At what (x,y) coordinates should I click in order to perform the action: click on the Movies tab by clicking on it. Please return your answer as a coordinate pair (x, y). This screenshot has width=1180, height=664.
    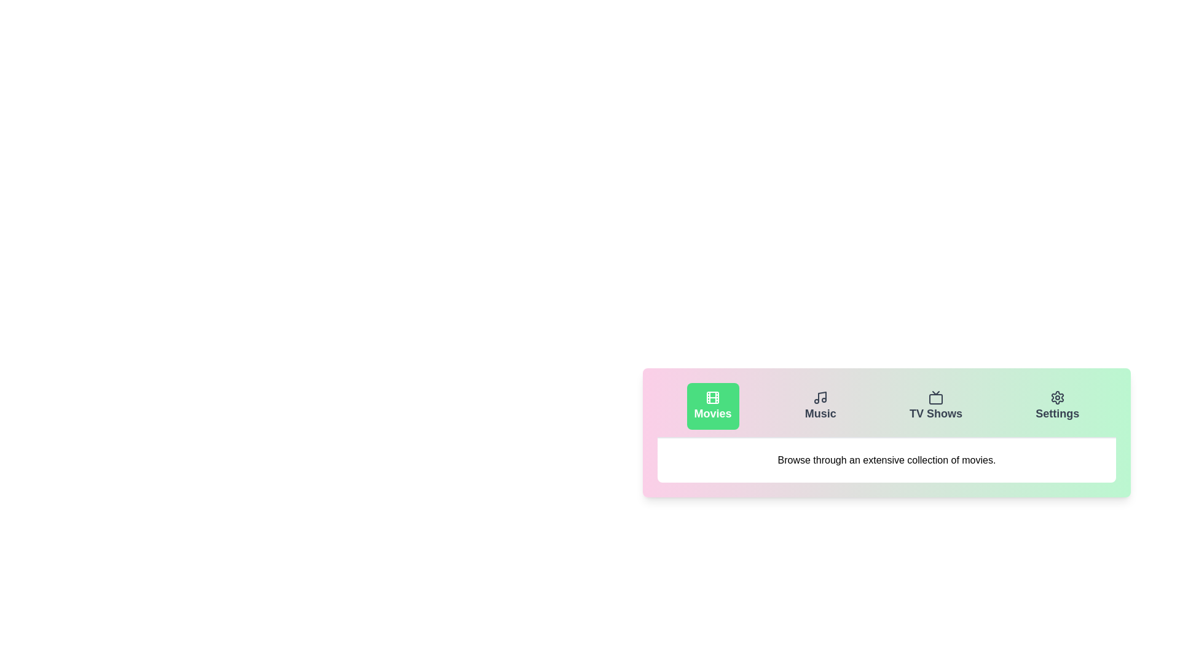
    Looking at the image, I should click on (713, 406).